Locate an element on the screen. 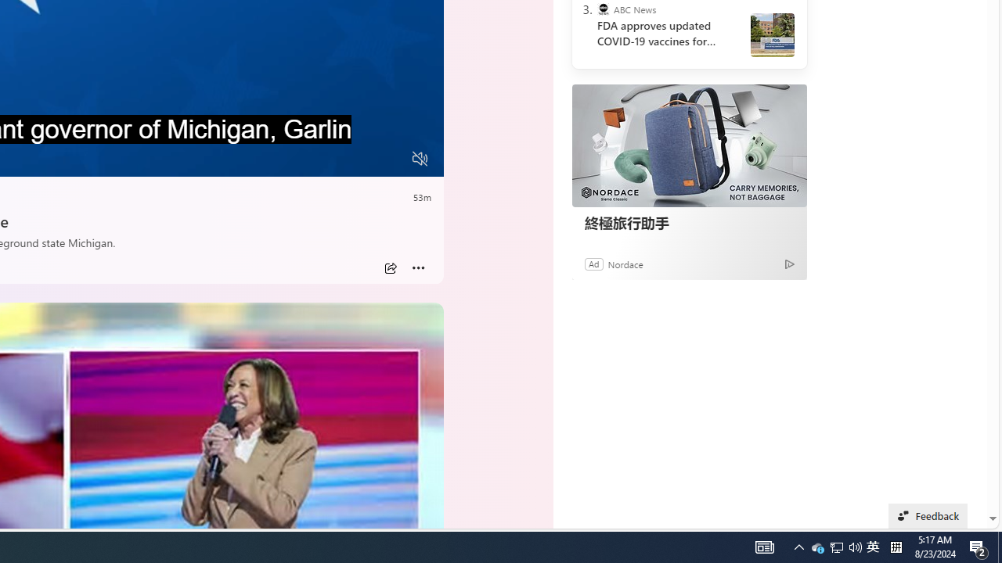  'Share' is located at coordinates (390, 267).